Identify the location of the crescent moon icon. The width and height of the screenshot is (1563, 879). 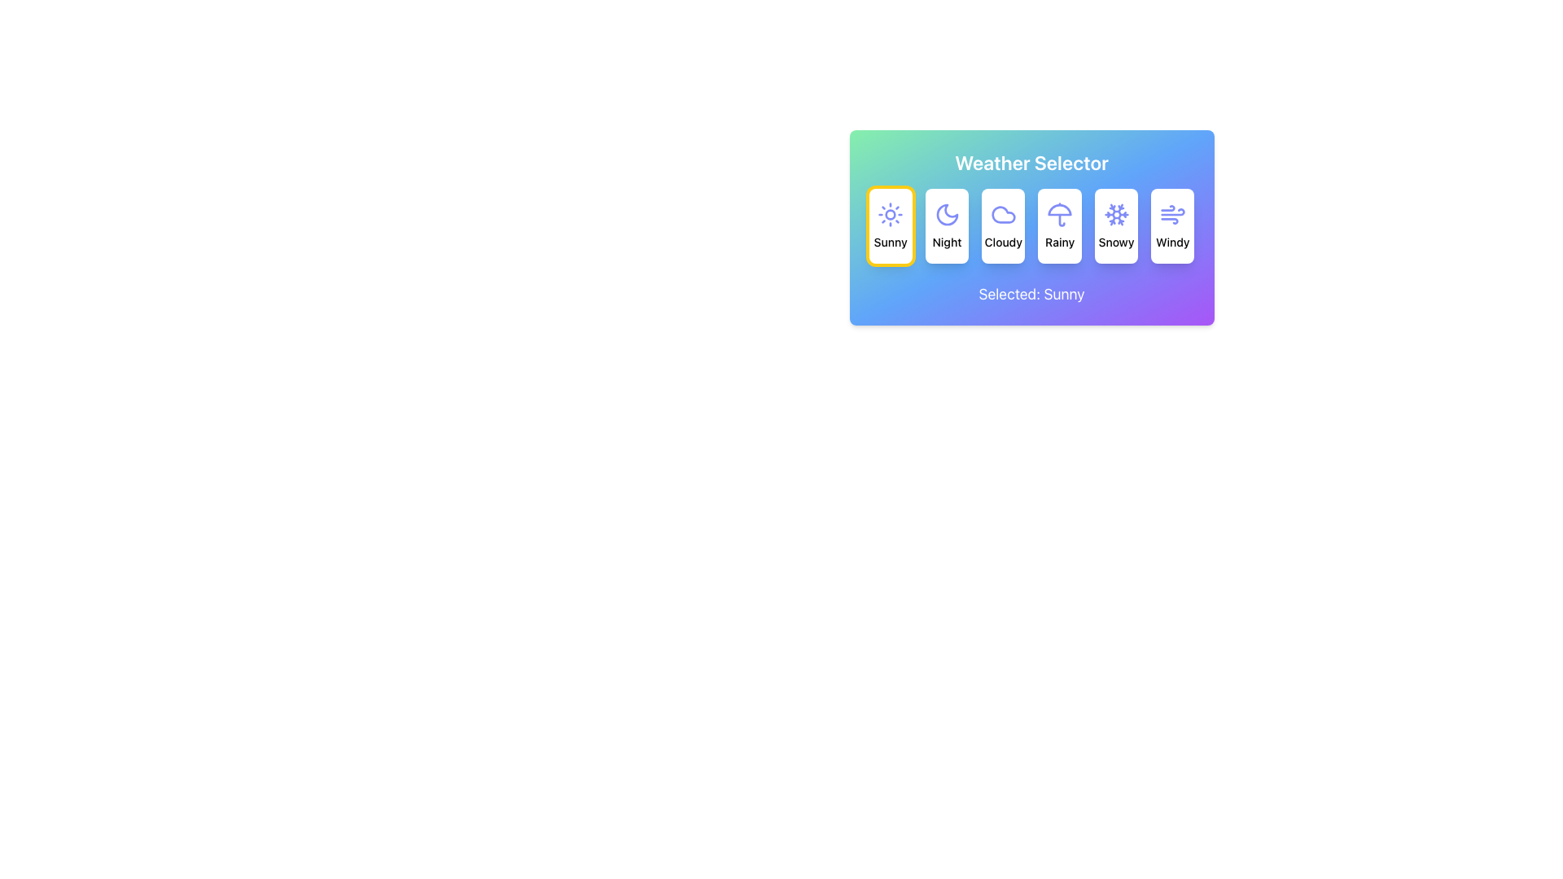
(947, 213).